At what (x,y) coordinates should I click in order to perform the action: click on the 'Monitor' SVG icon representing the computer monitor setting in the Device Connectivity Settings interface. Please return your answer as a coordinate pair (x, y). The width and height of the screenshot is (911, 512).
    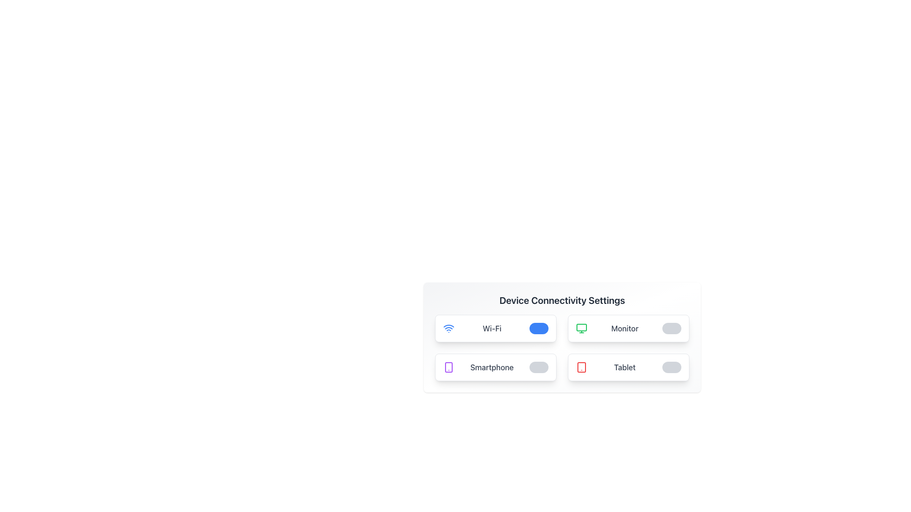
    Looking at the image, I should click on (581, 328).